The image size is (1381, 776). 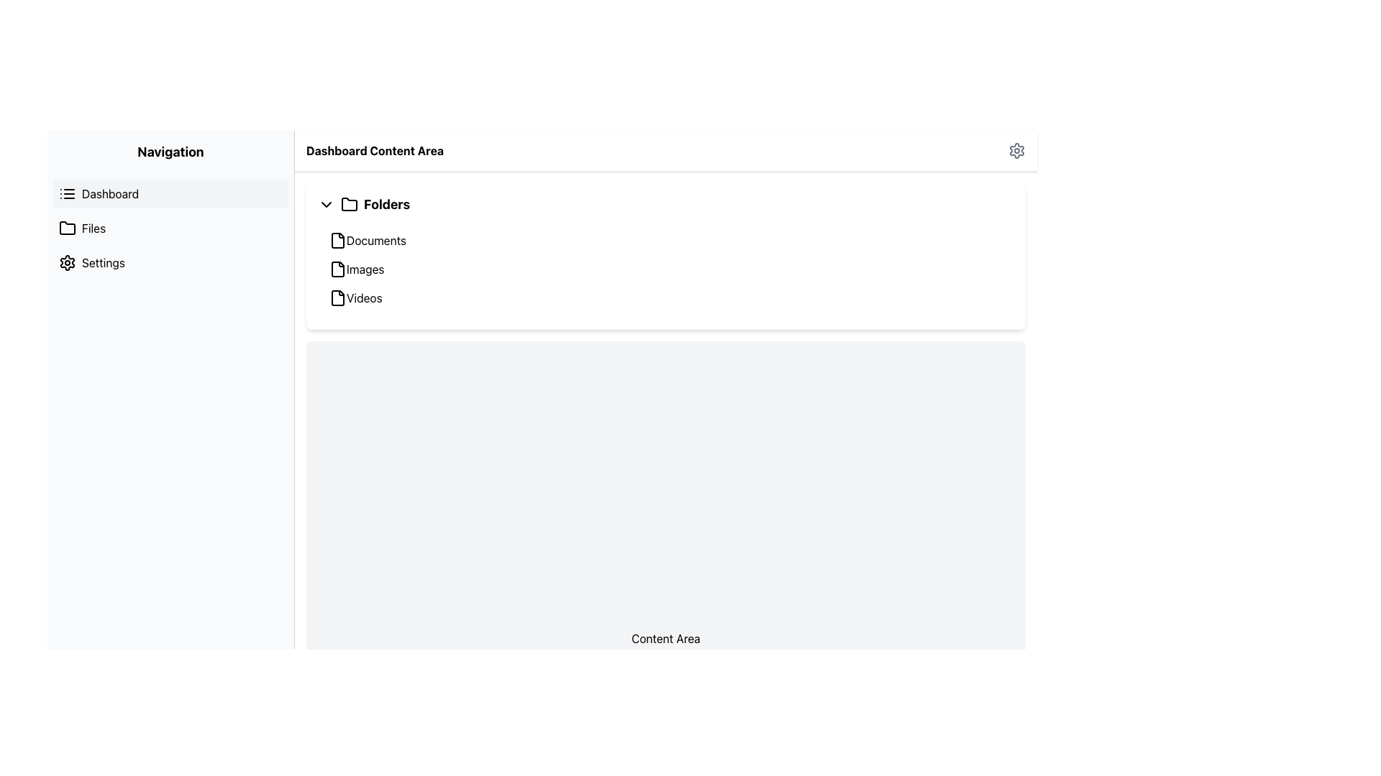 I want to click on the folder icon element located to the left of the 'Files' label in the navigation sidebar, so click(x=67, y=227).